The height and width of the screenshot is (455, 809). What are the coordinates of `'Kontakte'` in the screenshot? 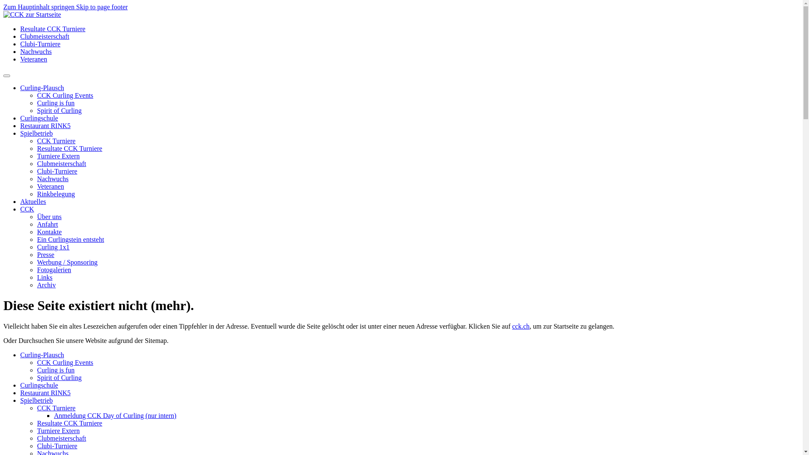 It's located at (49, 232).